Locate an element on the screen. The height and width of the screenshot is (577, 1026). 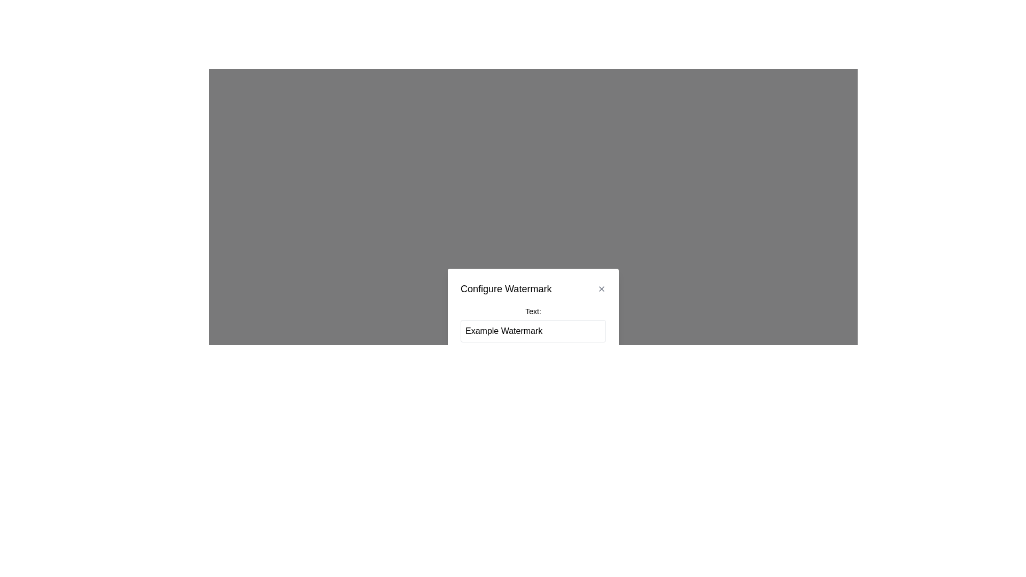
the text label reading 'Text:' which is located above the text input field with the placeholder 'Example Watermark' in the modal dialog box is located at coordinates (533, 311).